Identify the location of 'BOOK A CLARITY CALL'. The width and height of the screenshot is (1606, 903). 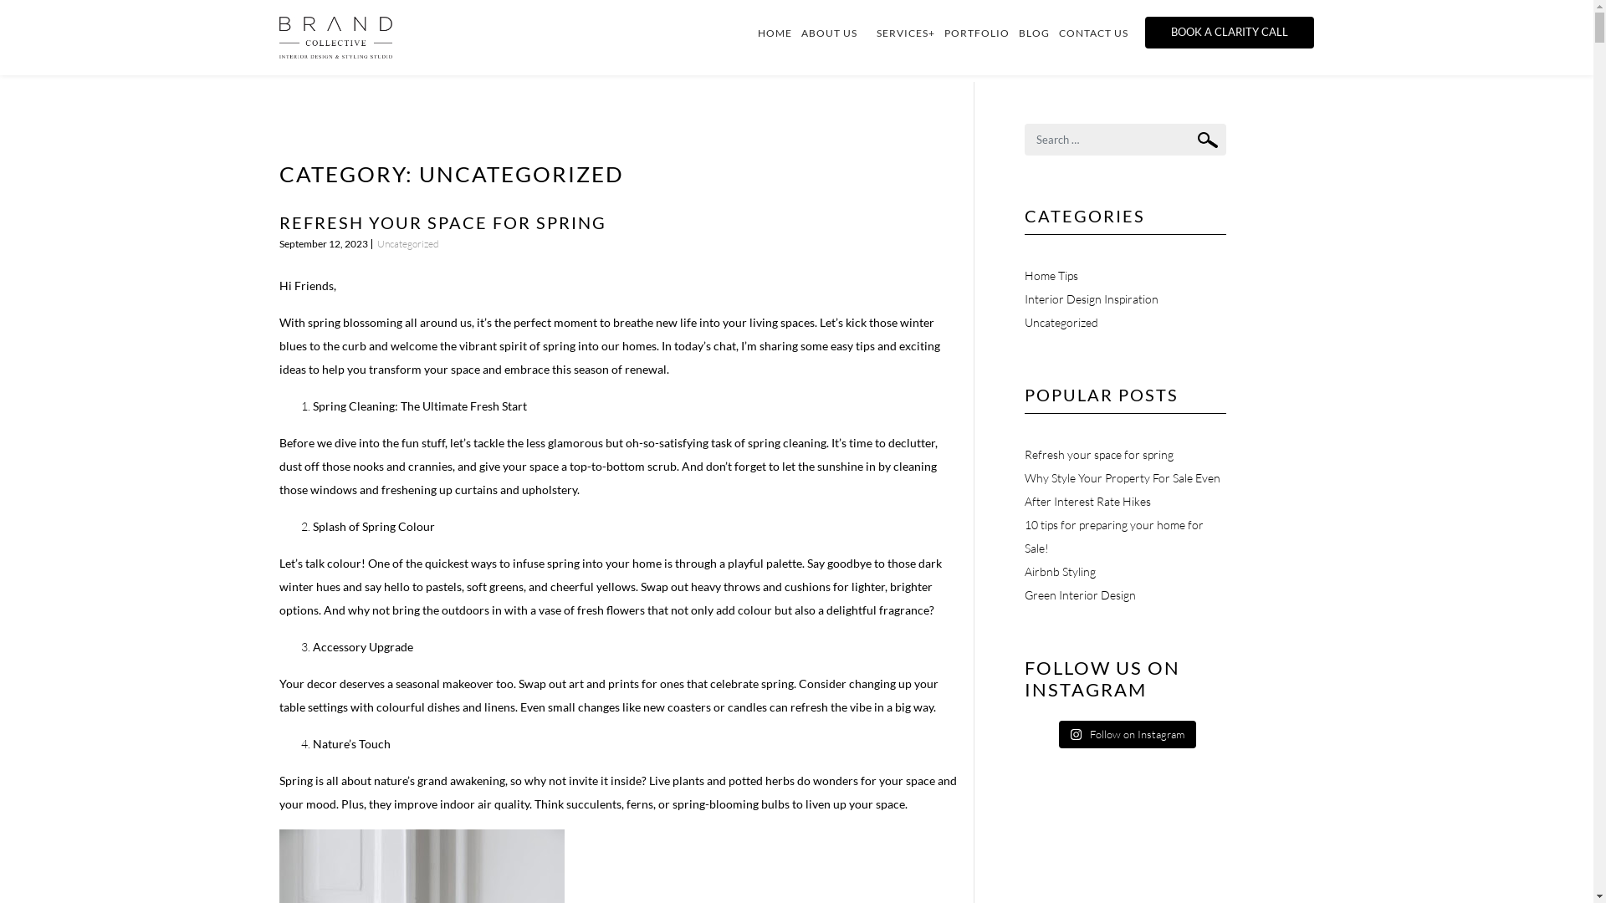
(1229, 32).